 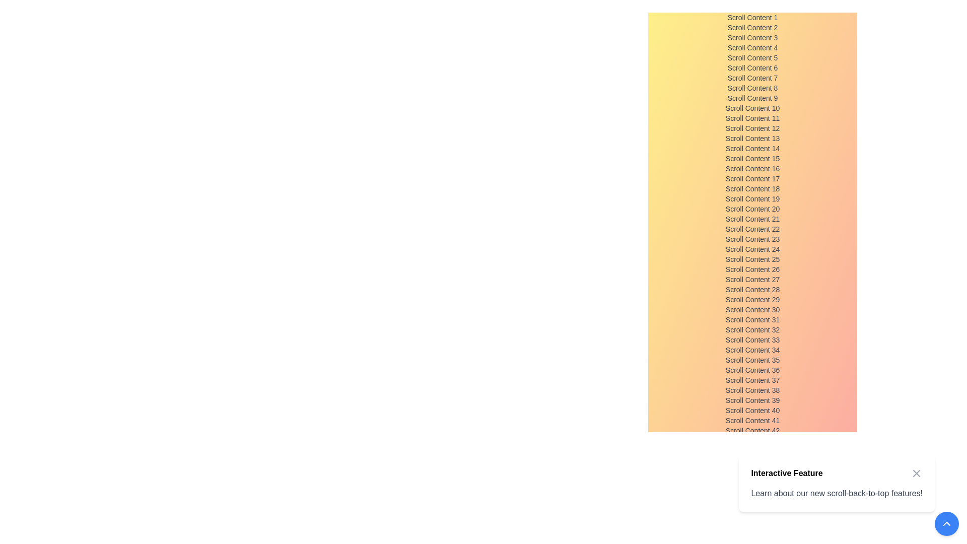 I want to click on the static text element that serves as a label in the scrollable list, positioned as the 16th item between 'Scroll Content 15' and 'Scroll Content 17', so click(x=752, y=168).